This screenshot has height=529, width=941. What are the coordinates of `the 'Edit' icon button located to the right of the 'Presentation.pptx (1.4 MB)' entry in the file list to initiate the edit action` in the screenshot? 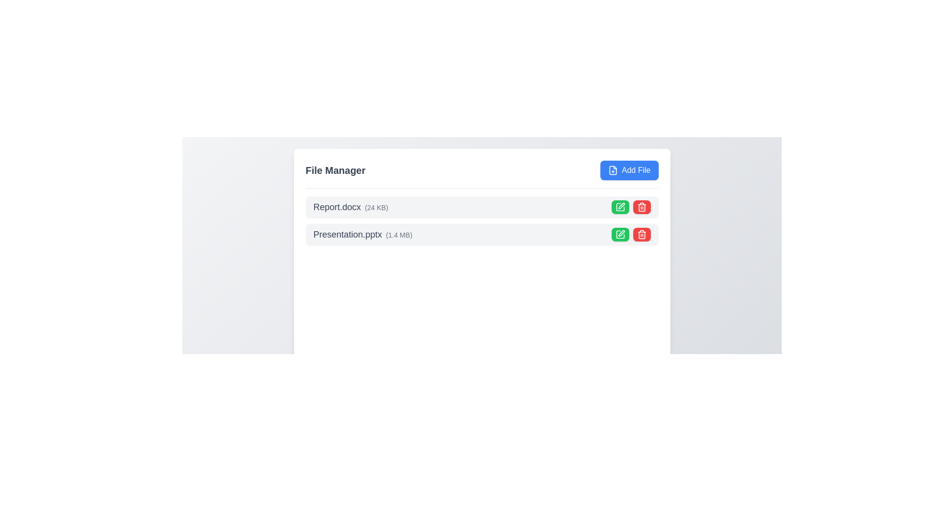 It's located at (619, 207).